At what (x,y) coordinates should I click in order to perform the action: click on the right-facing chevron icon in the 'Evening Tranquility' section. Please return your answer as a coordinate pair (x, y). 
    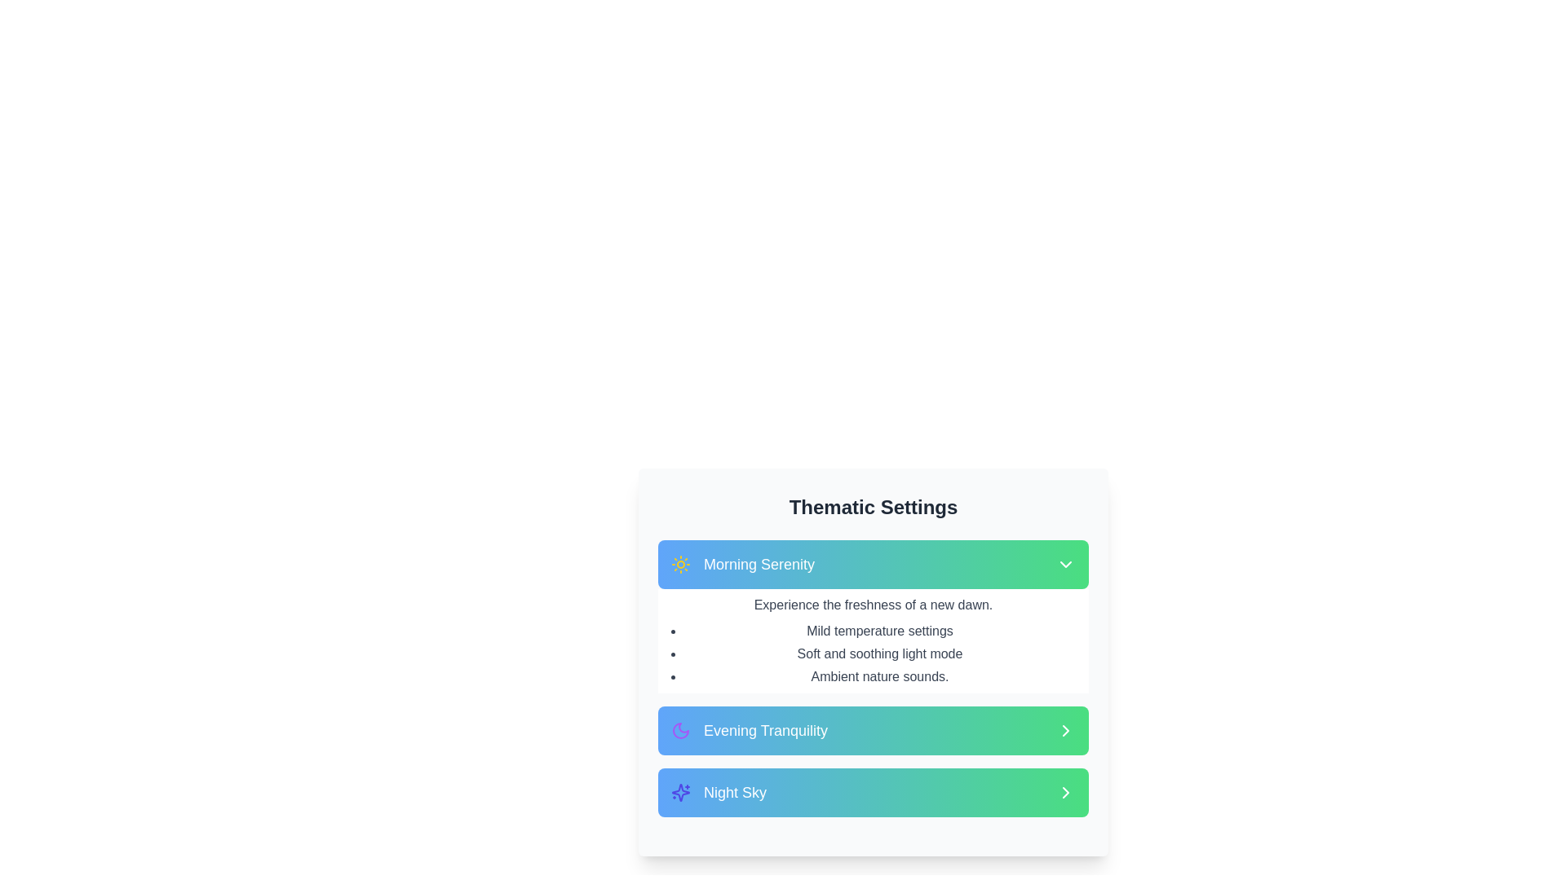
    Looking at the image, I should click on (1065, 730).